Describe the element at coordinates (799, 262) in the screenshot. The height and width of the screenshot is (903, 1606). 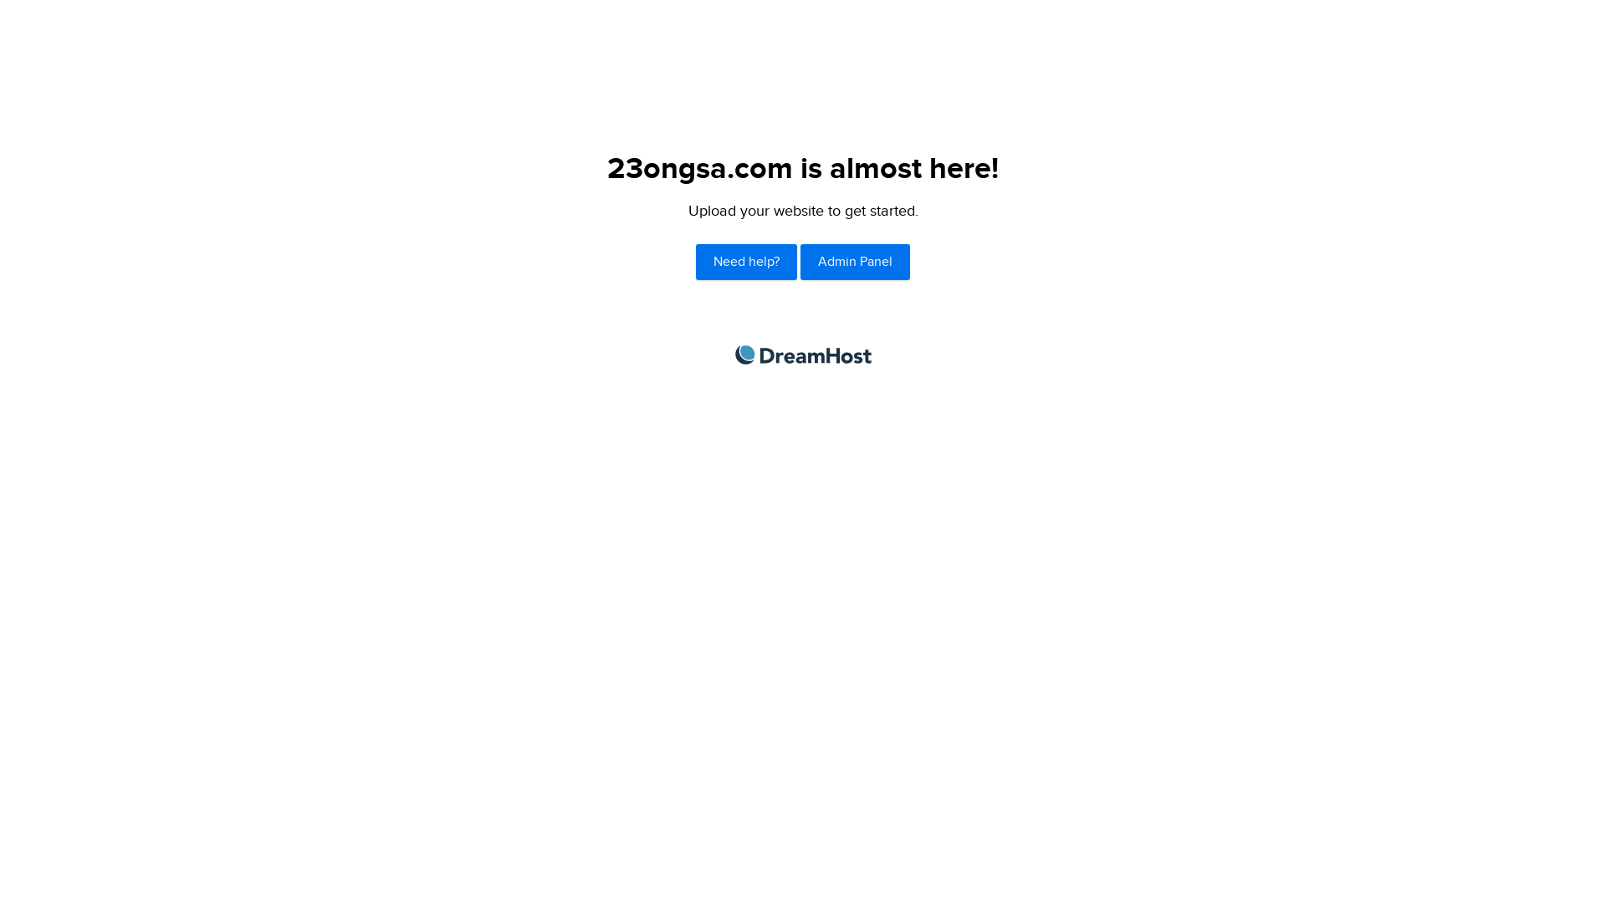
I see `'Admin Panel'` at that location.